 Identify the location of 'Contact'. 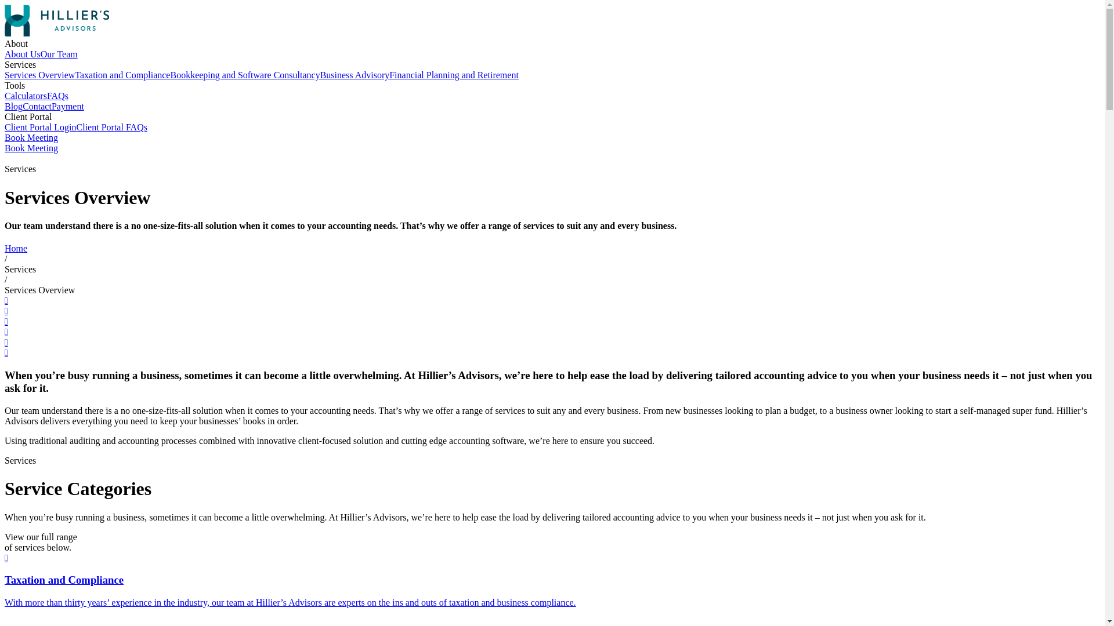
(37, 106).